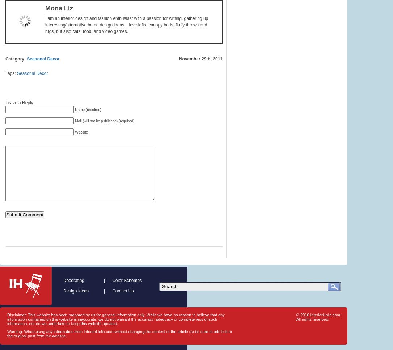  I want to click on 'Mail (will not be published) (required)', so click(104, 121).